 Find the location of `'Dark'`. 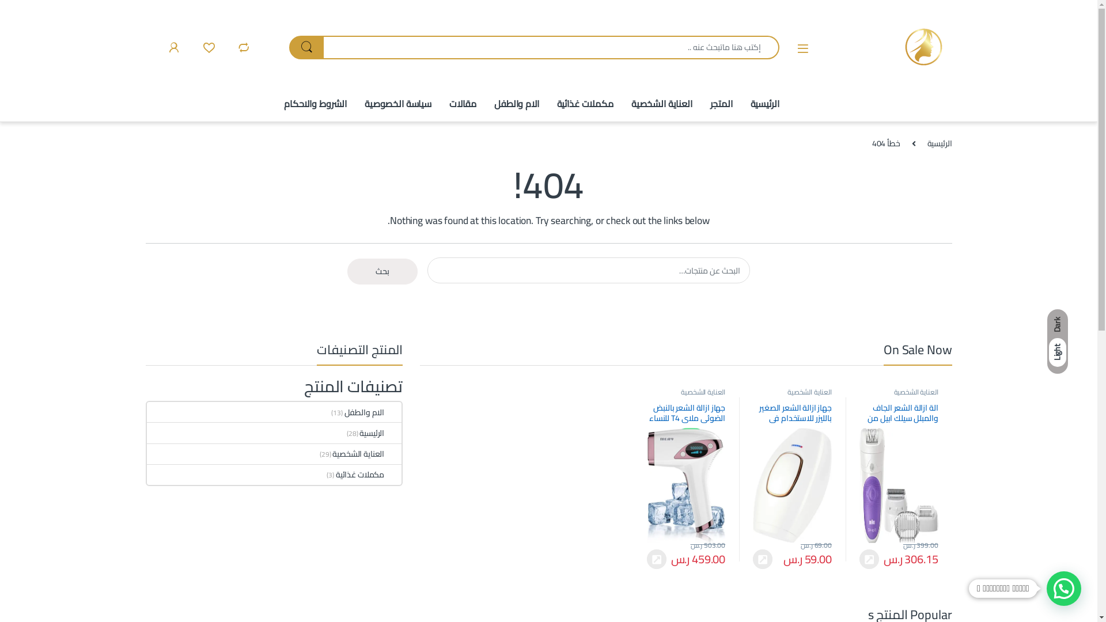

'Dark' is located at coordinates (1058, 324).